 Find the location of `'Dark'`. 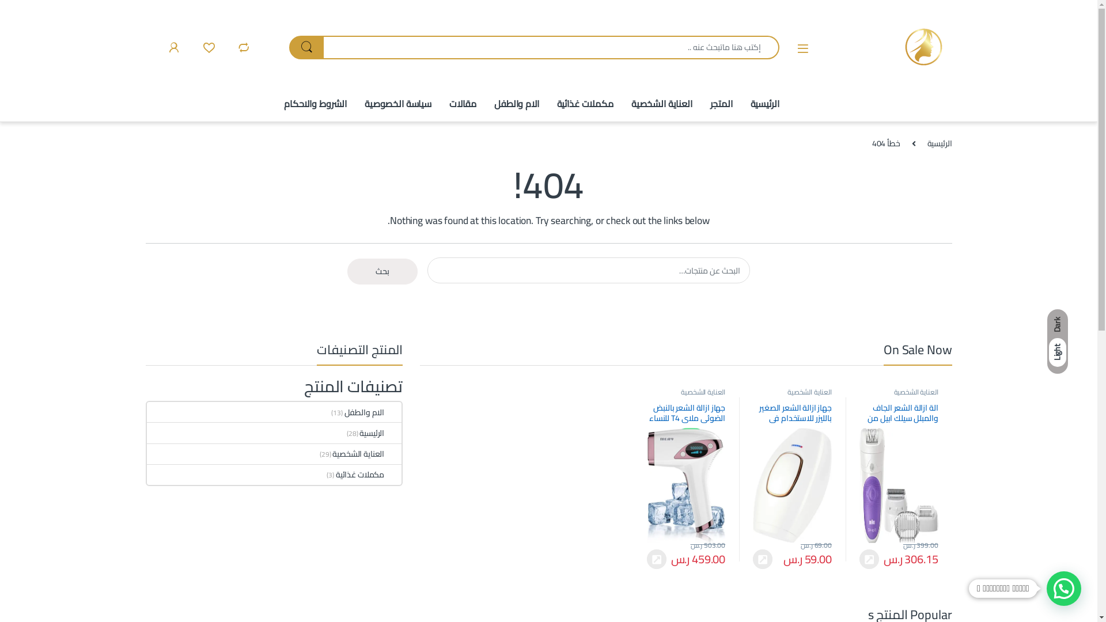

'Dark' is located at coordinates (1058, 324).